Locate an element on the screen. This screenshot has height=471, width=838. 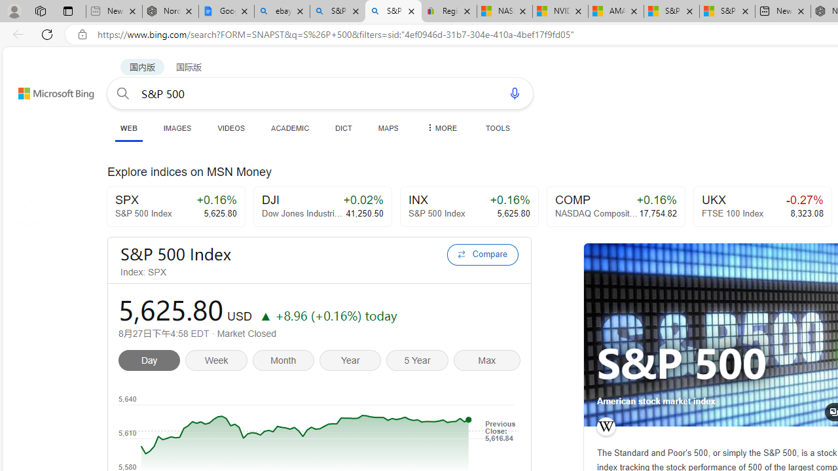
'5 Year' is located at coordinates (420, 362).